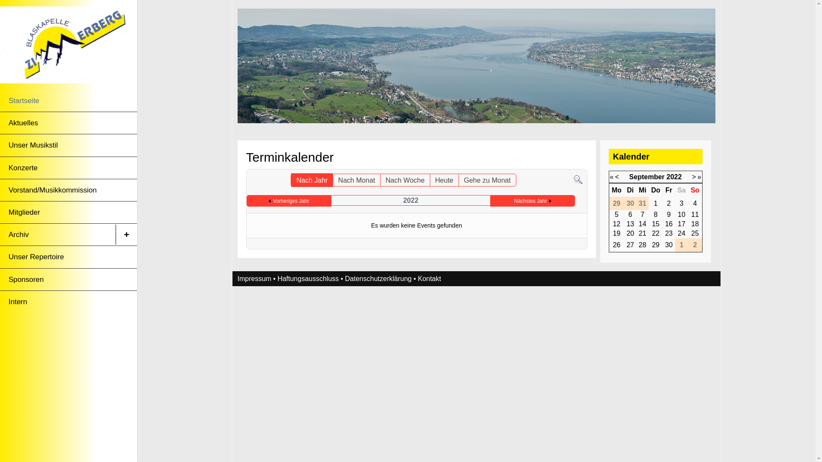 The width and height of the screenshot is (822, 462). Describe the element at coordinates (651, 233) in the screenshot. I see `'22'` at that location.